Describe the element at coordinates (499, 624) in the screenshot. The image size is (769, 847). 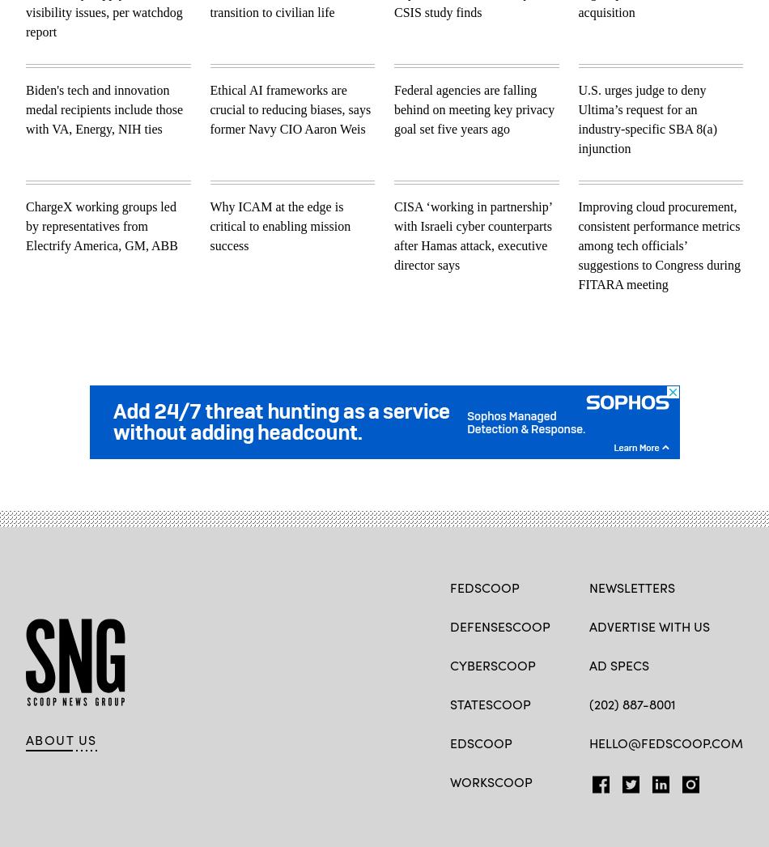
I see `'DefenseScoop'` at that location.